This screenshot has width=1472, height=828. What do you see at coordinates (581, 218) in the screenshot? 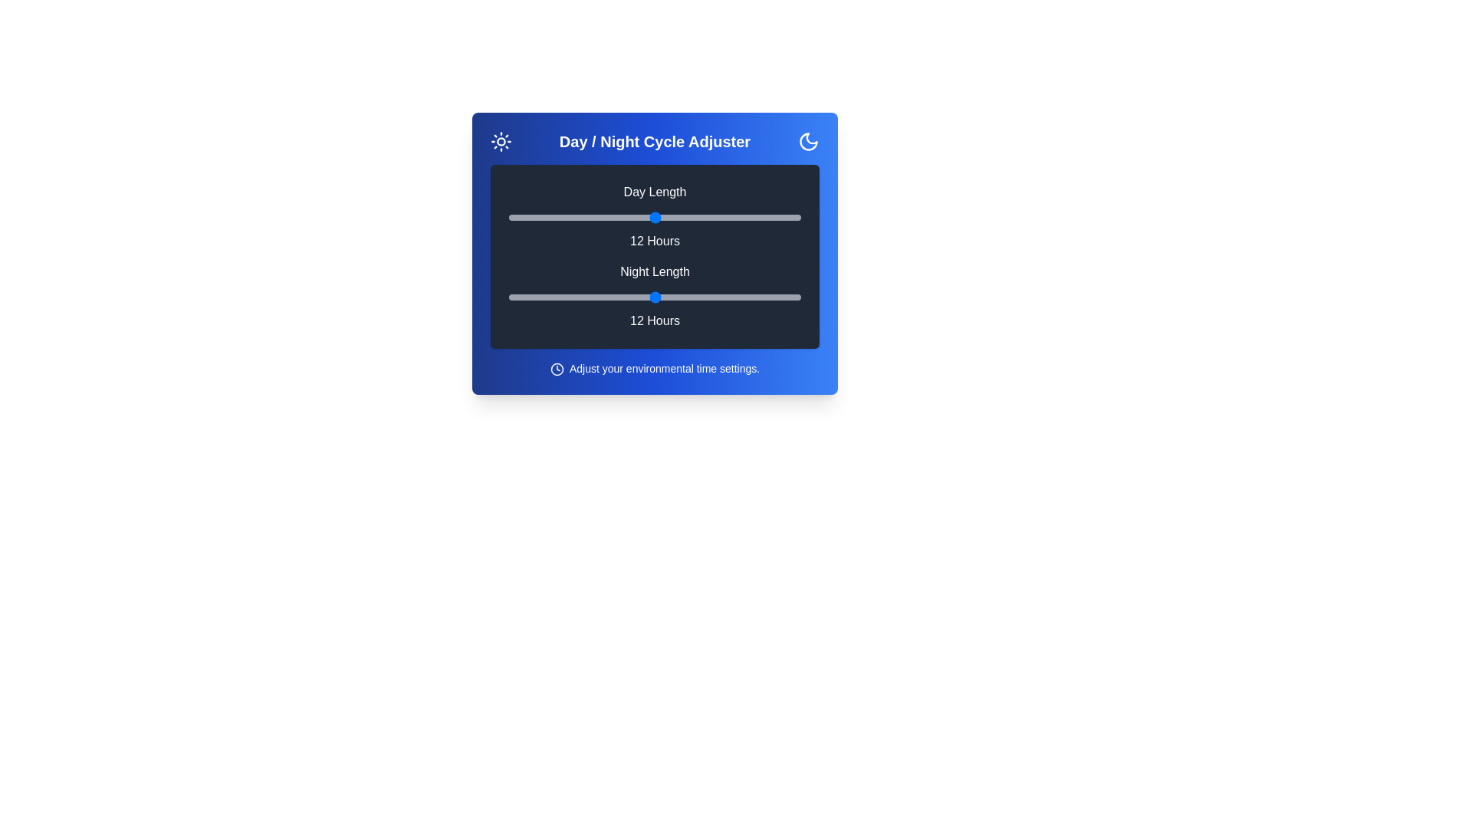
I see `the 'Day Length' slider to set the day duration to 9 hours` at bounding box center [581, 218].